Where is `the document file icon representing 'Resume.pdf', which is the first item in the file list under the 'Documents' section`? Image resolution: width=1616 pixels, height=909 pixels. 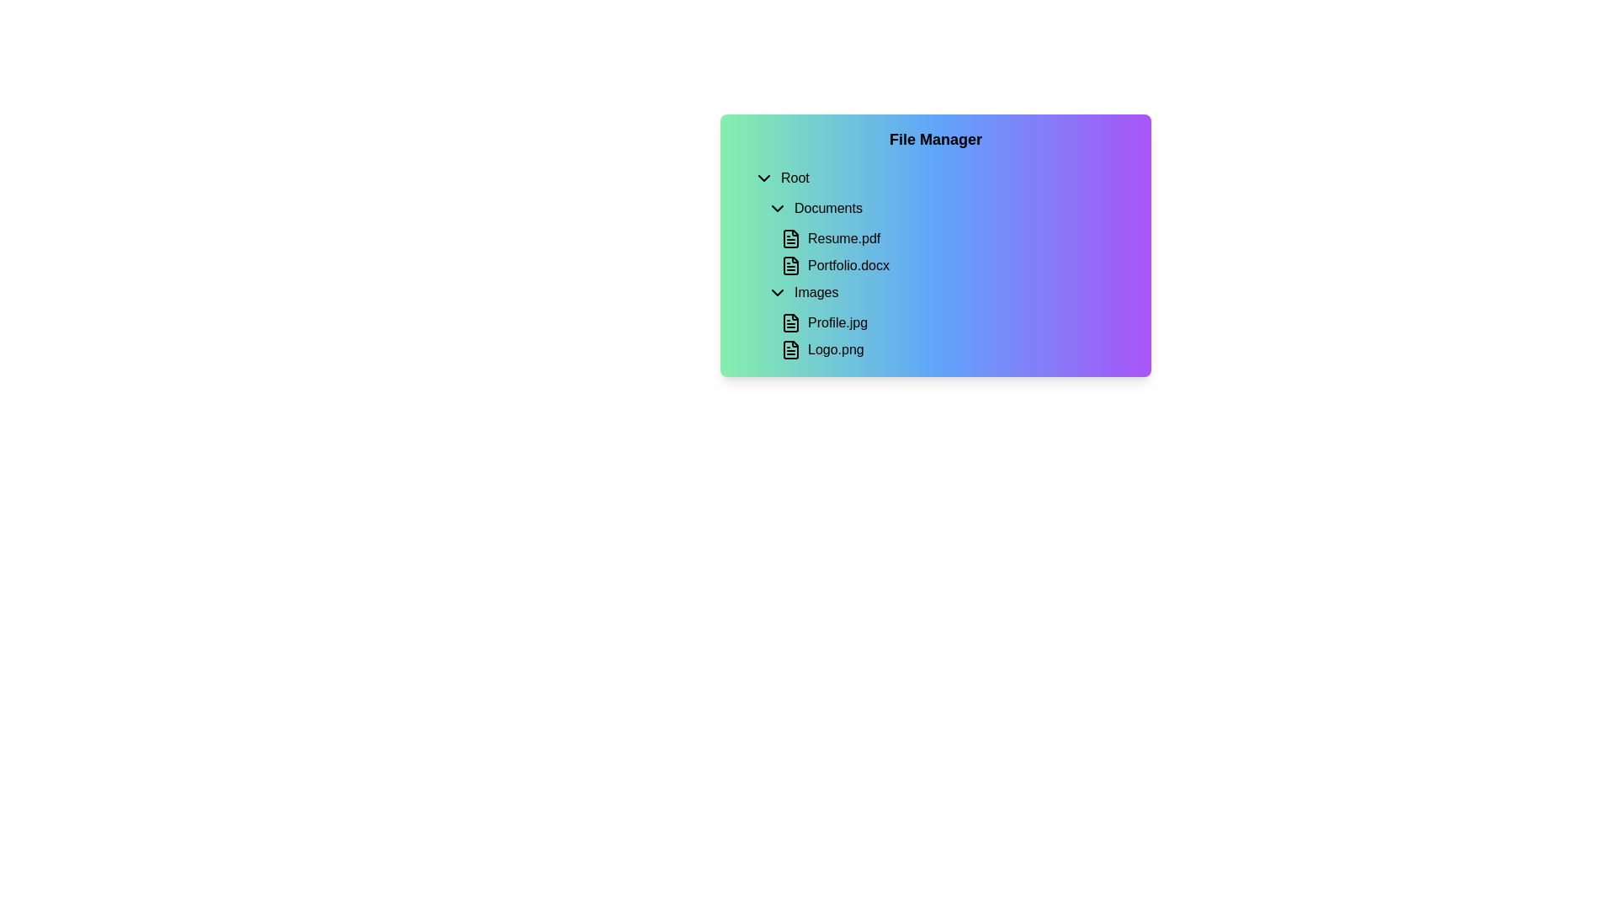
the document file icon representing 'Resume.pdf', which is the first item in the file list under the 'Documents' section is located at coordinates (790, 239).